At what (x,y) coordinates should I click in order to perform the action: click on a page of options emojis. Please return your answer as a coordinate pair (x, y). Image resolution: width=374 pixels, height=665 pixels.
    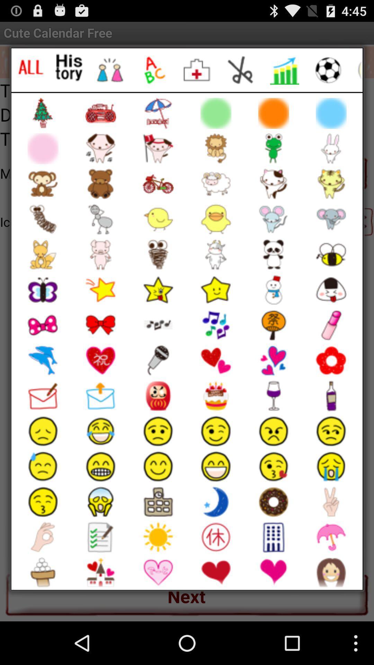
    Looking at the image, I should click on (240, 70).